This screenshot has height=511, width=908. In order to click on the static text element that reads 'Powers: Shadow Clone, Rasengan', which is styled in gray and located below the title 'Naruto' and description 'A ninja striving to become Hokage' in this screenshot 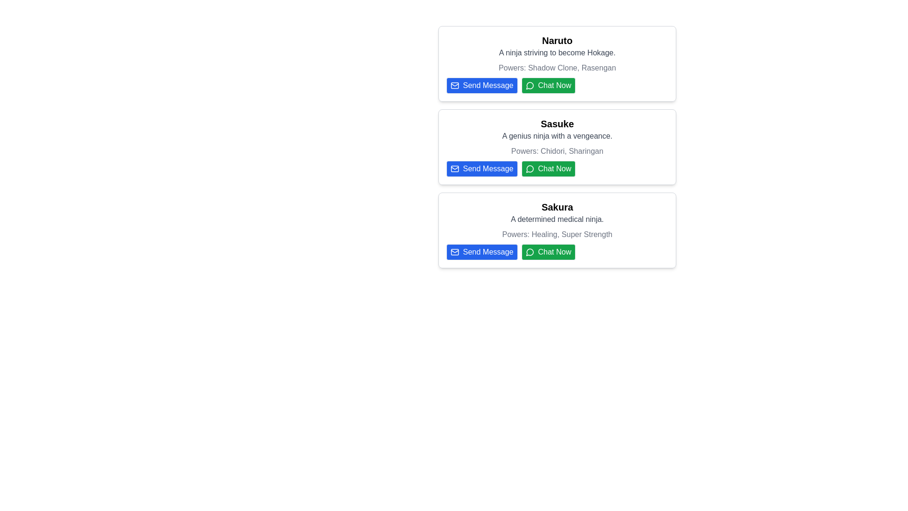, I will do `click(557, 67)`.